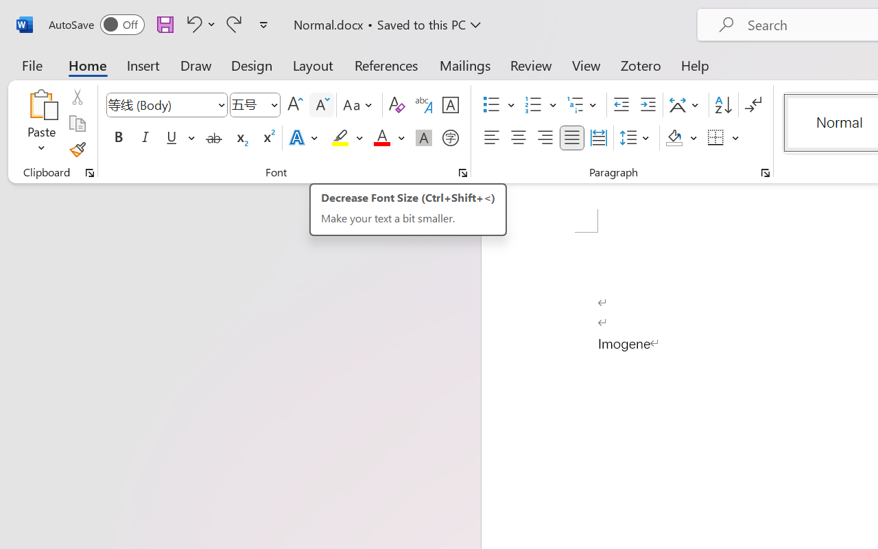 The width and height of the screenshot is (878, 549). What do you see at coordinates (518, 138) in the screenshot?
I see `'Center'` at bounding box center [518, 138].